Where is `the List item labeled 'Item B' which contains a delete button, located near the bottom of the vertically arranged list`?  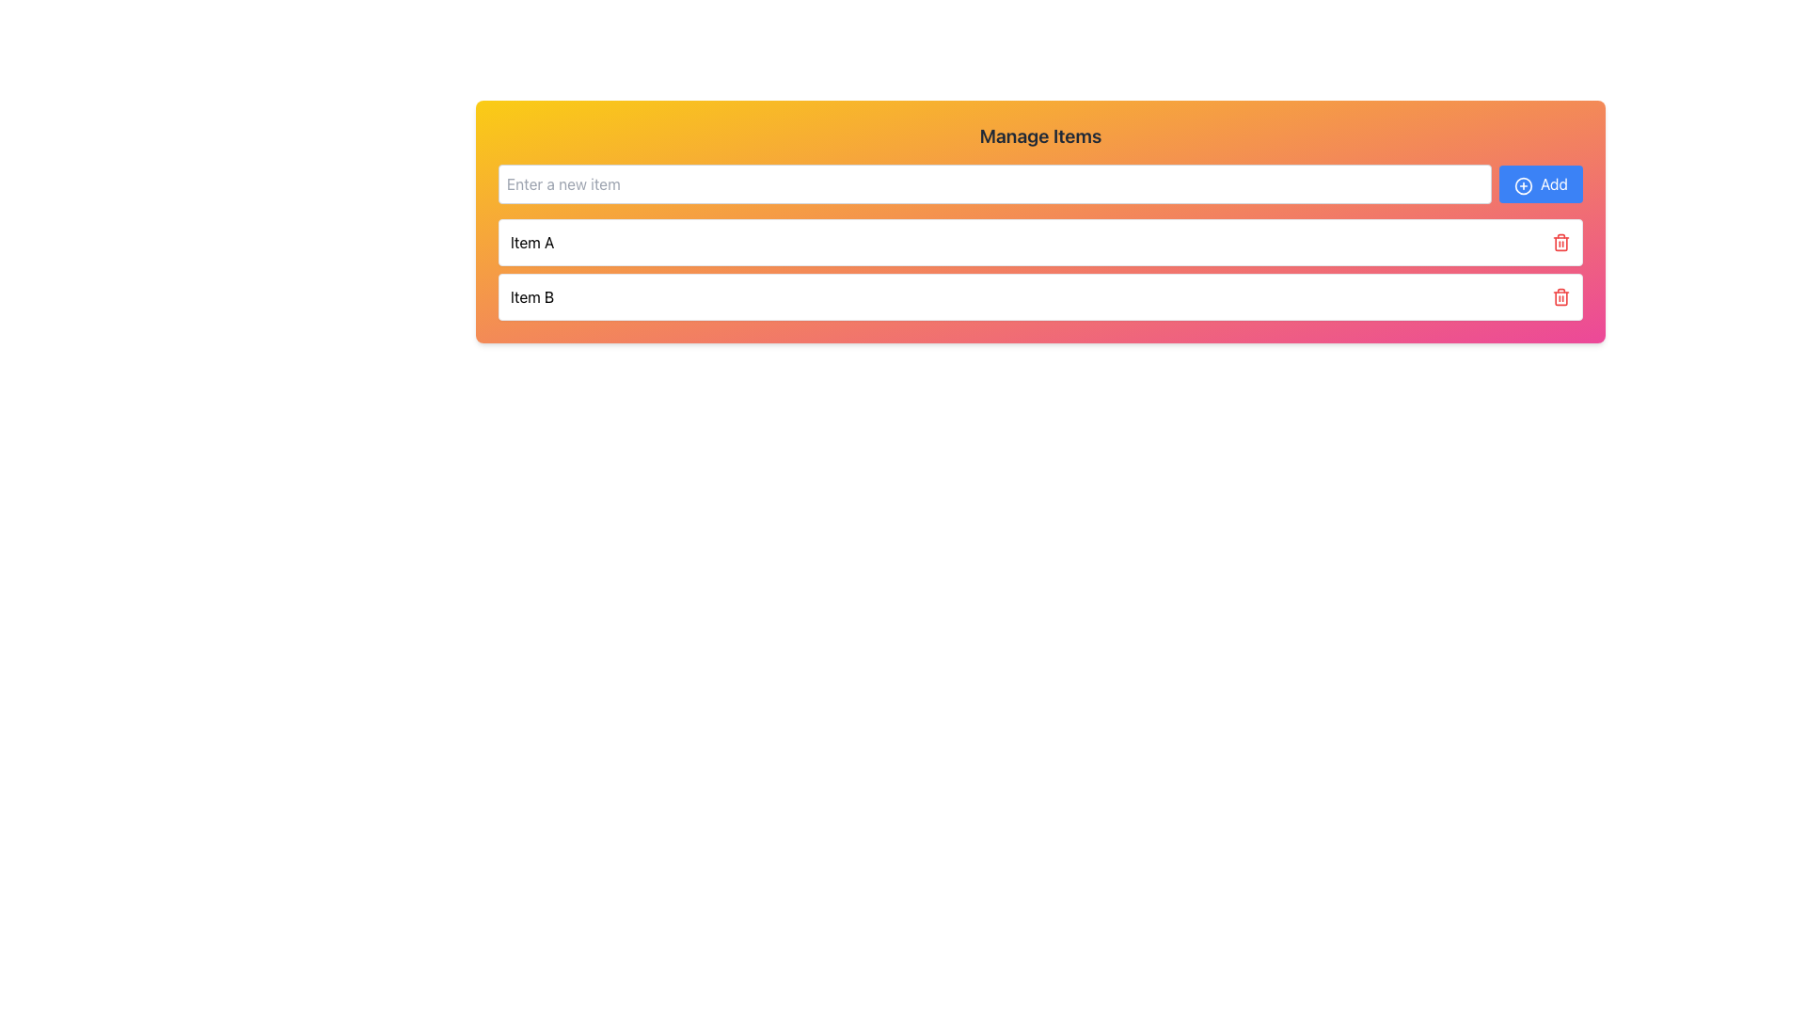 the List item labeled 'Item B' which contains a delete button, located near the bottom of the vertically arranged list is located at coordinates (1039, 296).